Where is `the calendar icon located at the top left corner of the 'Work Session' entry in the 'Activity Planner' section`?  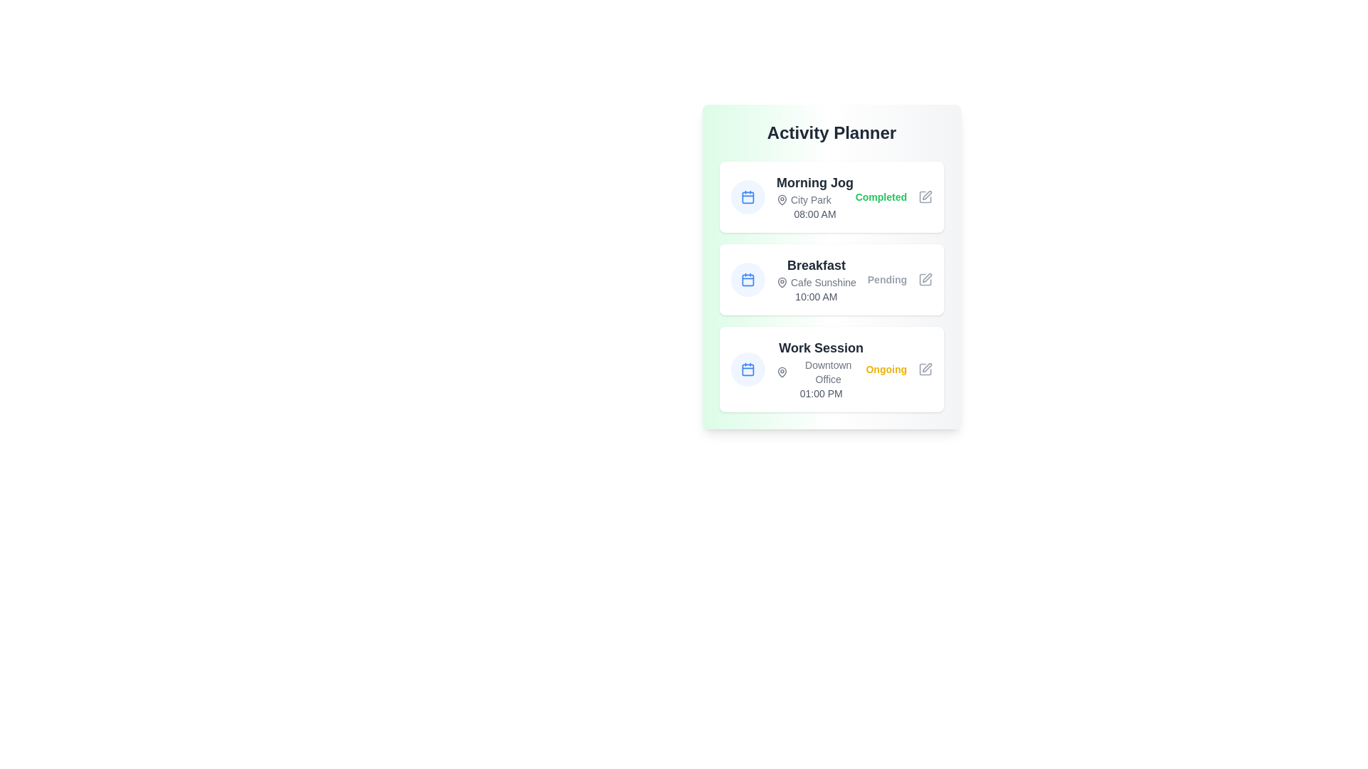
the calendar icon located at the top left corner of the 'Work Session' entry in the 'Activity Planner' section is located at coordinates (747, 369).